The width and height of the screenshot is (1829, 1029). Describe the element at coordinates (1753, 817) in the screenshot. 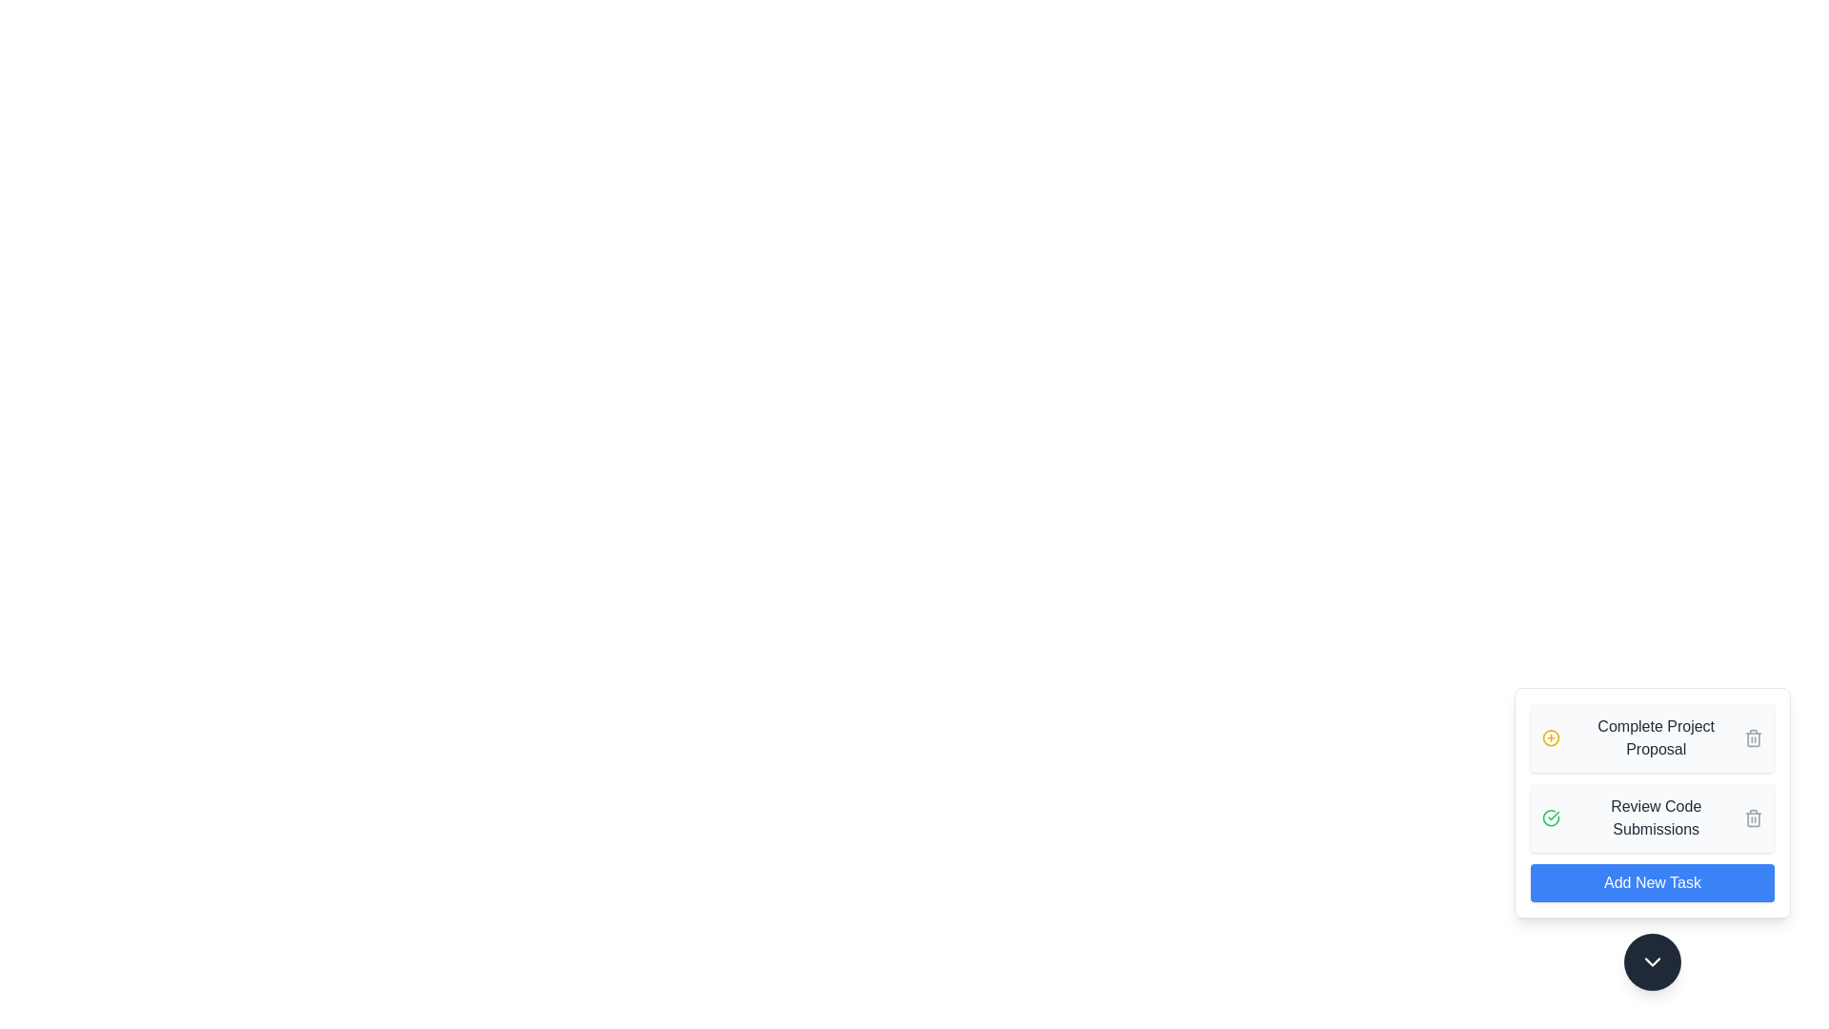

I see `the delete icon next to the task Review Code Submissions to delete it` at that location.